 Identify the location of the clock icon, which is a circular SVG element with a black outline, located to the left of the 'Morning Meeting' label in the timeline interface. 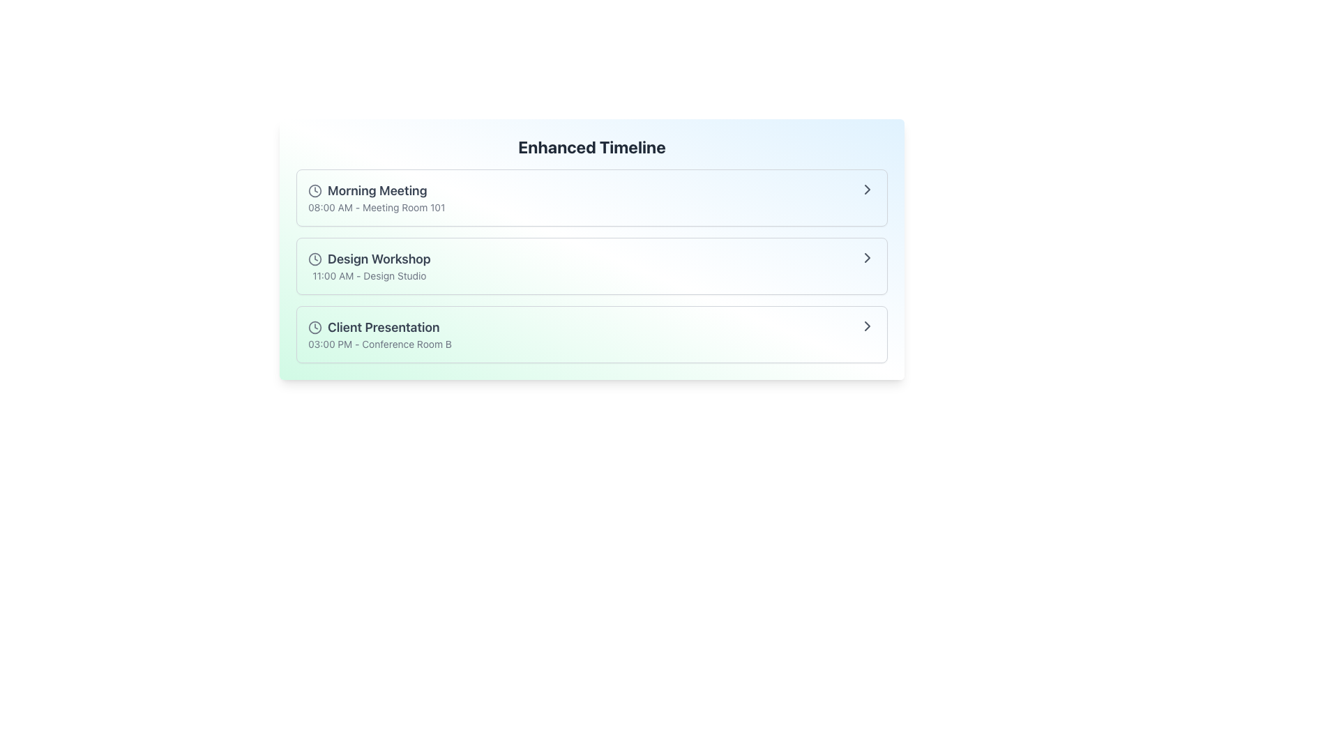
(314, 190).